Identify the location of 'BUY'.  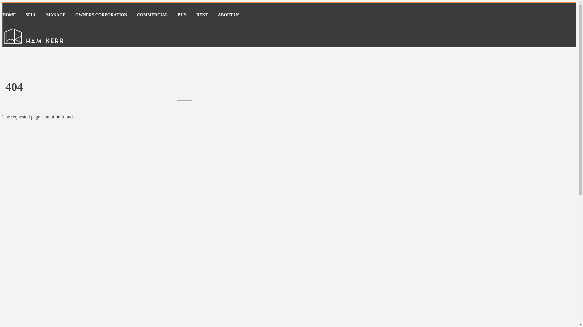
(182, 15).